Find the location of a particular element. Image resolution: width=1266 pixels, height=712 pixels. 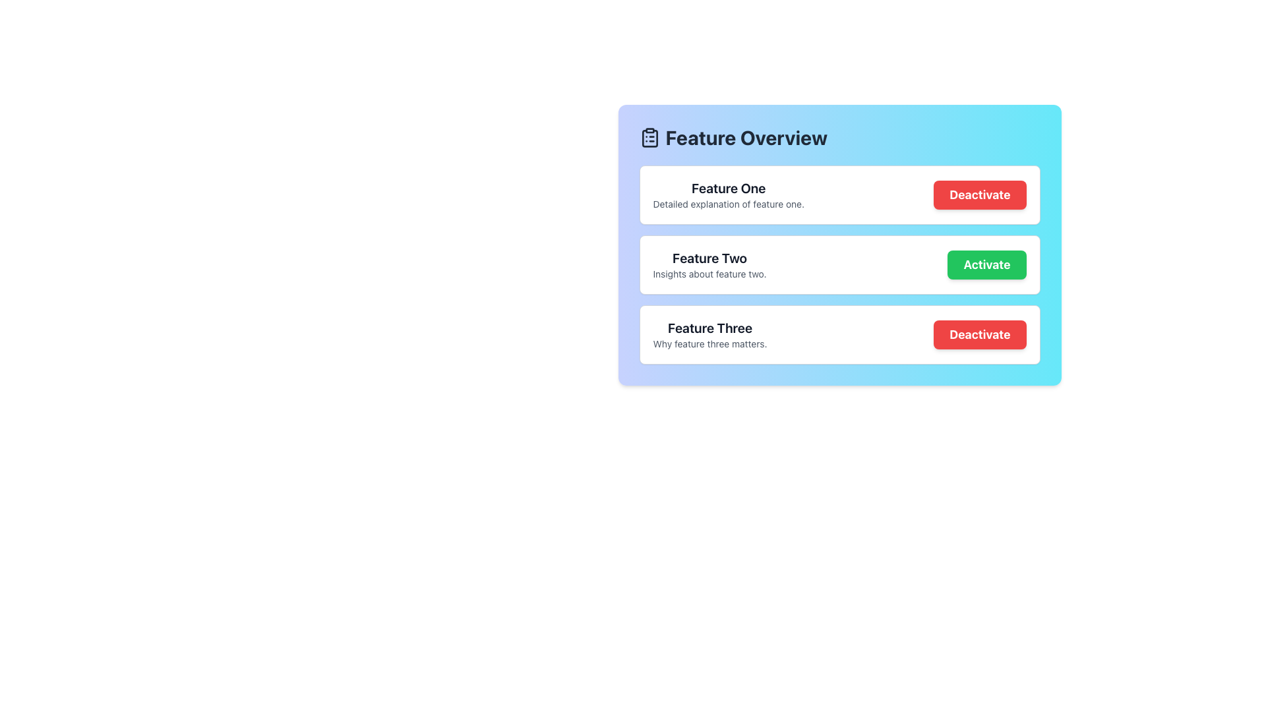

the text label that reads 'Insights about feature two.', which is styled in a smaller gray font and located below the title 'Feature Two' within a card-style component is located at coordinates (709, 274).